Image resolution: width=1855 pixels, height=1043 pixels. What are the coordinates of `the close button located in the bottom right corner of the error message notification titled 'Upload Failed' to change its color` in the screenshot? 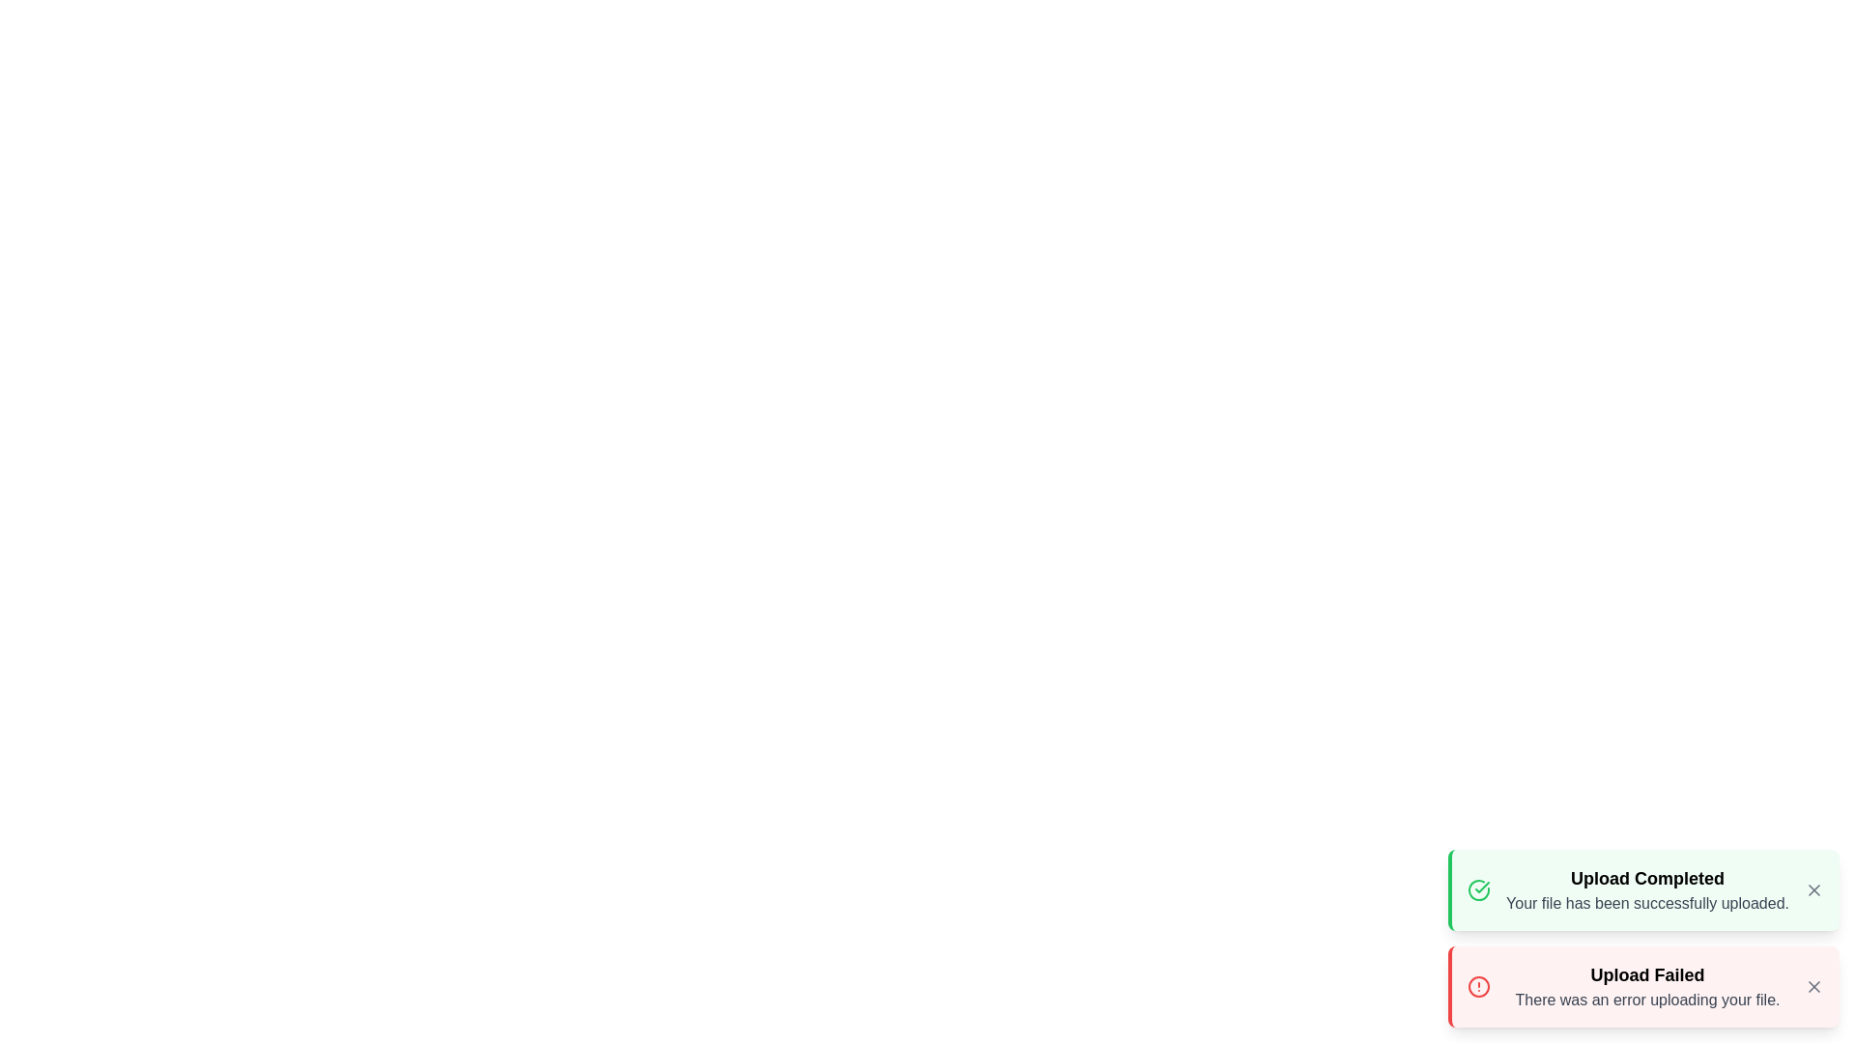 It's located at (1812, 987).